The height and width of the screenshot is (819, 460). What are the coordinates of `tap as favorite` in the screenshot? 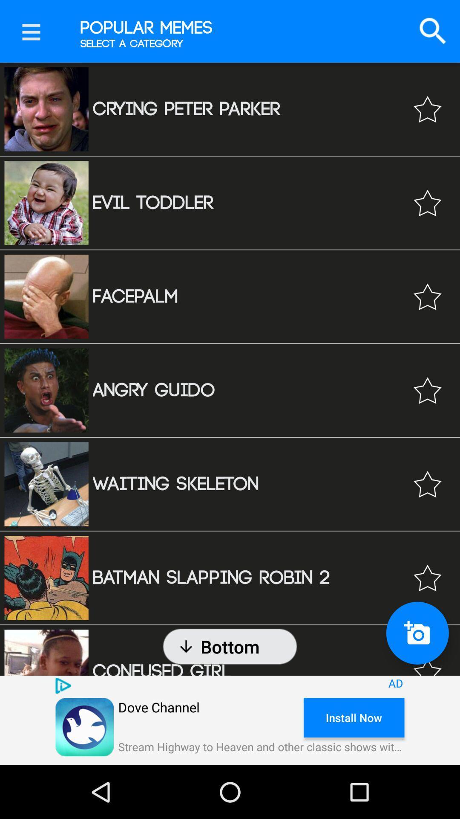 It's located at (427, 296).